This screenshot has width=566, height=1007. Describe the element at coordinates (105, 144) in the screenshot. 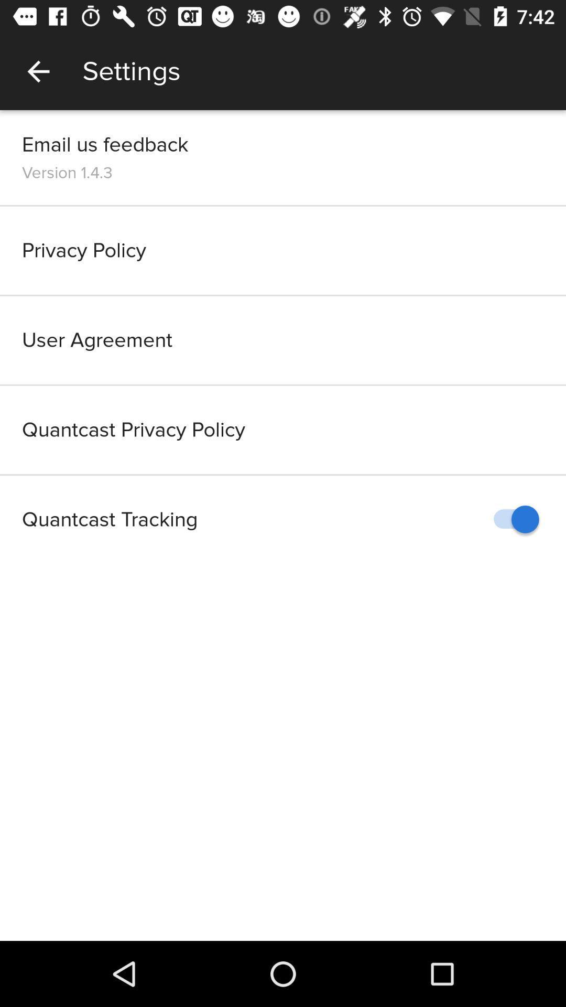

I see `the email us feedback icon` at that location.